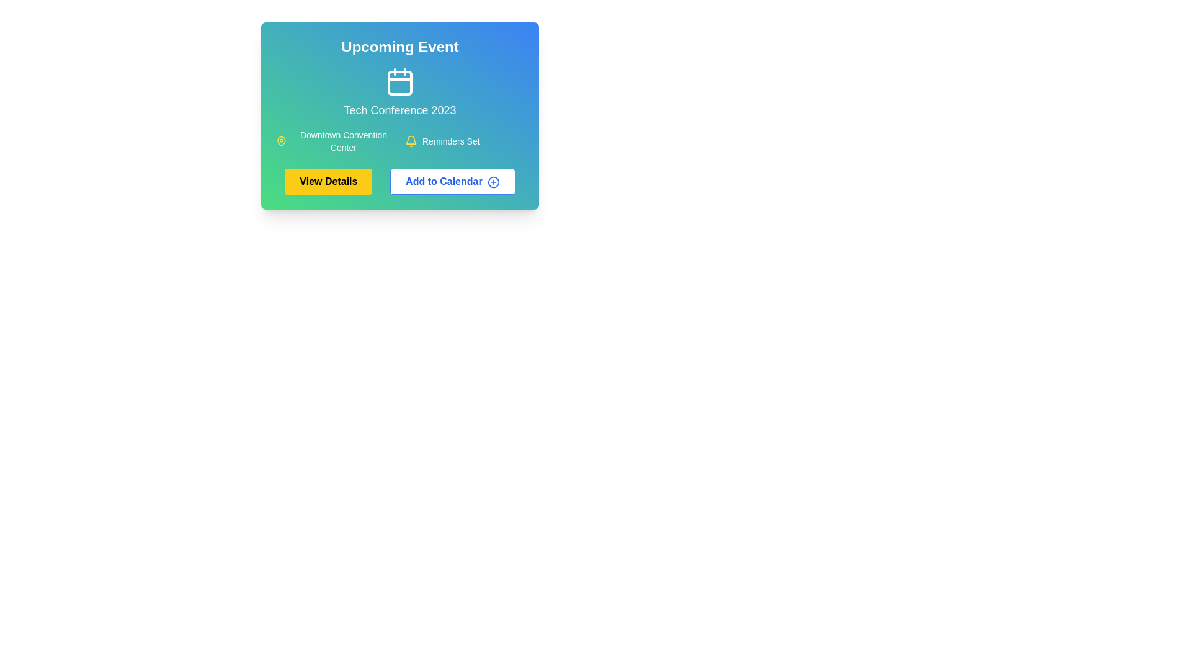 The width and height of the screenshot is (1191, 670). I want to click on the circular outline of the 'plus' sign icon located at the far right end of the 'Add to Calendar' button on the card, so click(493, 182).